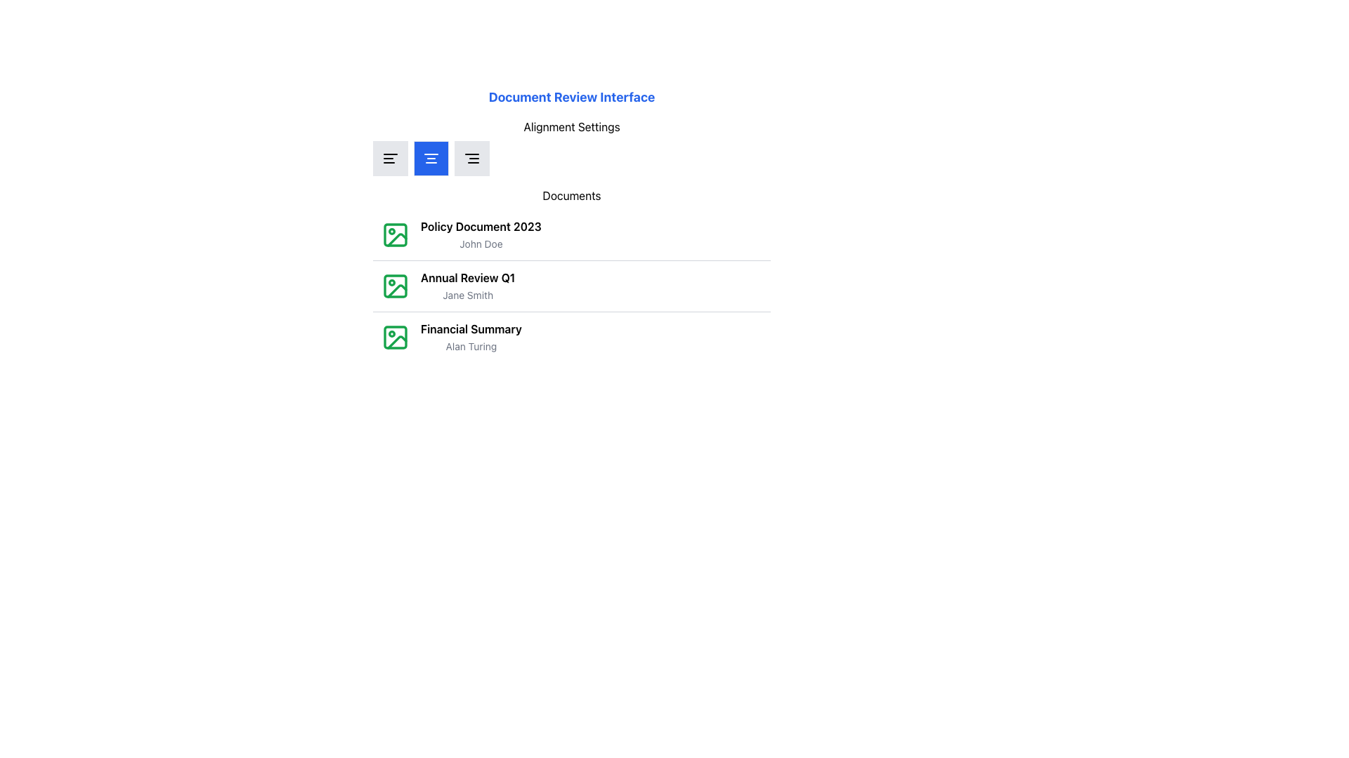 The width and height of the screenshot is (1349, 758). I want to click on text from the label displaying 'Alan Turing', which is styled in gray color and positioned under the 'Financial Summary' heading, so click(471, 346).